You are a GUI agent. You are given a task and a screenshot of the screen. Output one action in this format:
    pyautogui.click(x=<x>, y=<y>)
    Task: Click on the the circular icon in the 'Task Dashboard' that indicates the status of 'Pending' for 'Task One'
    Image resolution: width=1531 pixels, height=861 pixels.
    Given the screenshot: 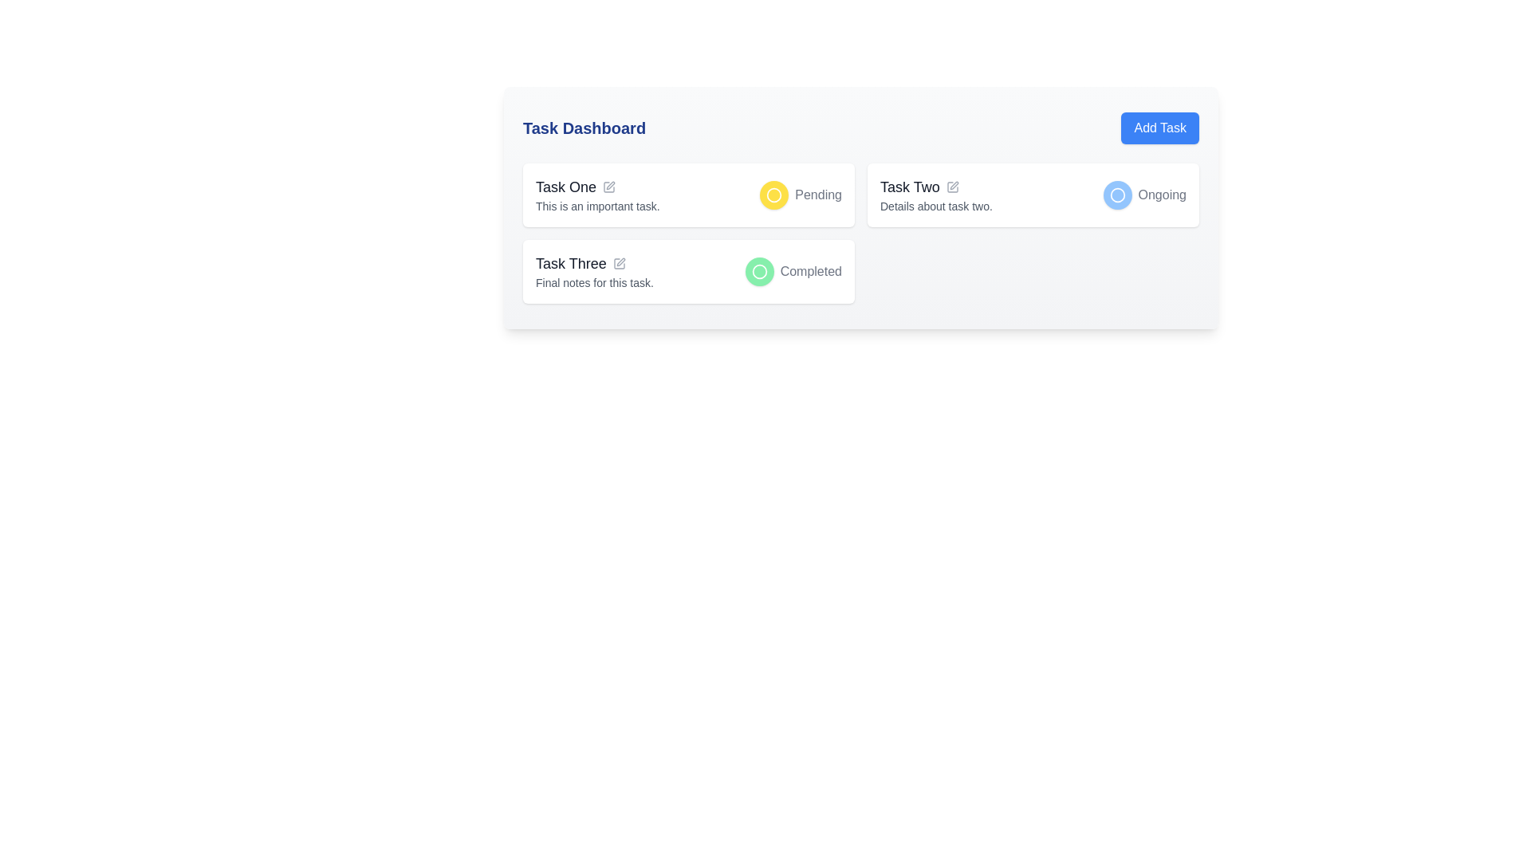 What is the action you would take?
    pyautogui.click(x=774, y=195)
    